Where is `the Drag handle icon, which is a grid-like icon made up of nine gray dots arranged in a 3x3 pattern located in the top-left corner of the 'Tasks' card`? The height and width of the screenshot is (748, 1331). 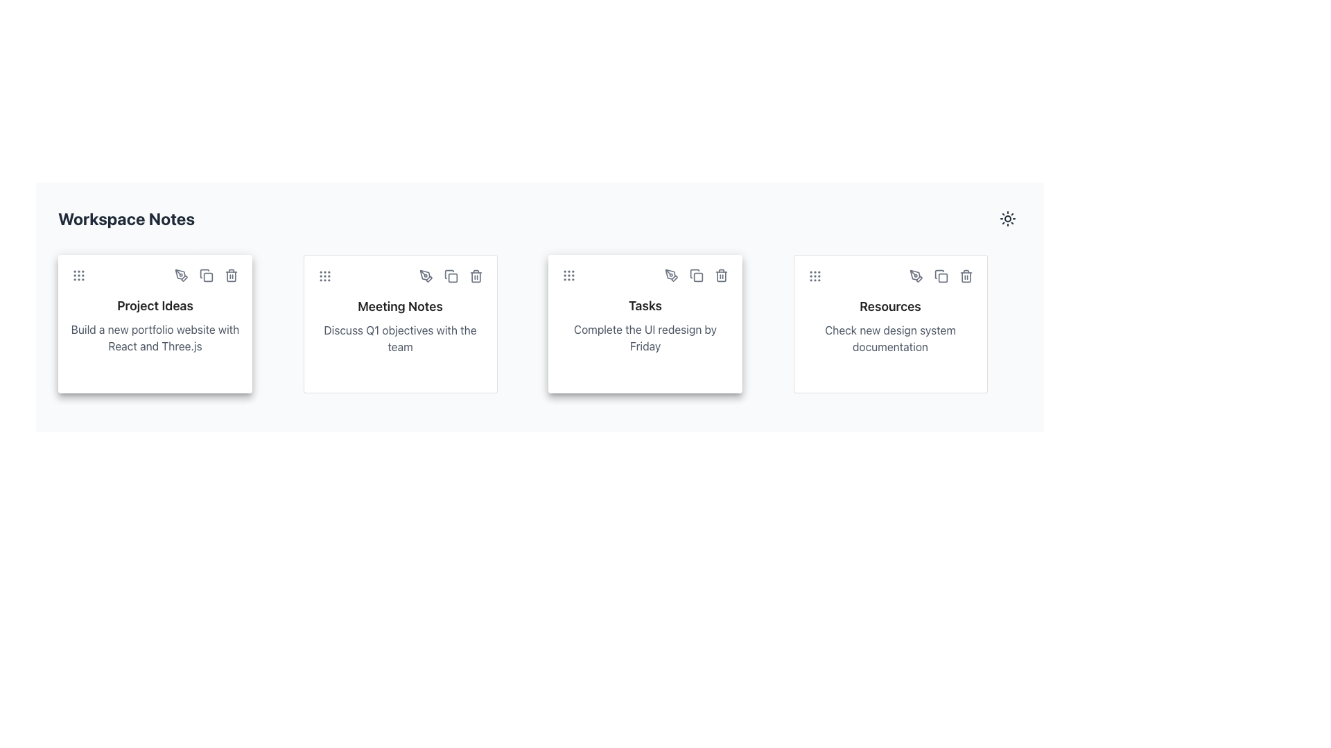 the Drag handle icon, which is a grid-like icon made up of nine gray dots arranged in a 3x3 pattern located in the top-left corner of the 'Tasks' card is located at coordinates (568, 275).